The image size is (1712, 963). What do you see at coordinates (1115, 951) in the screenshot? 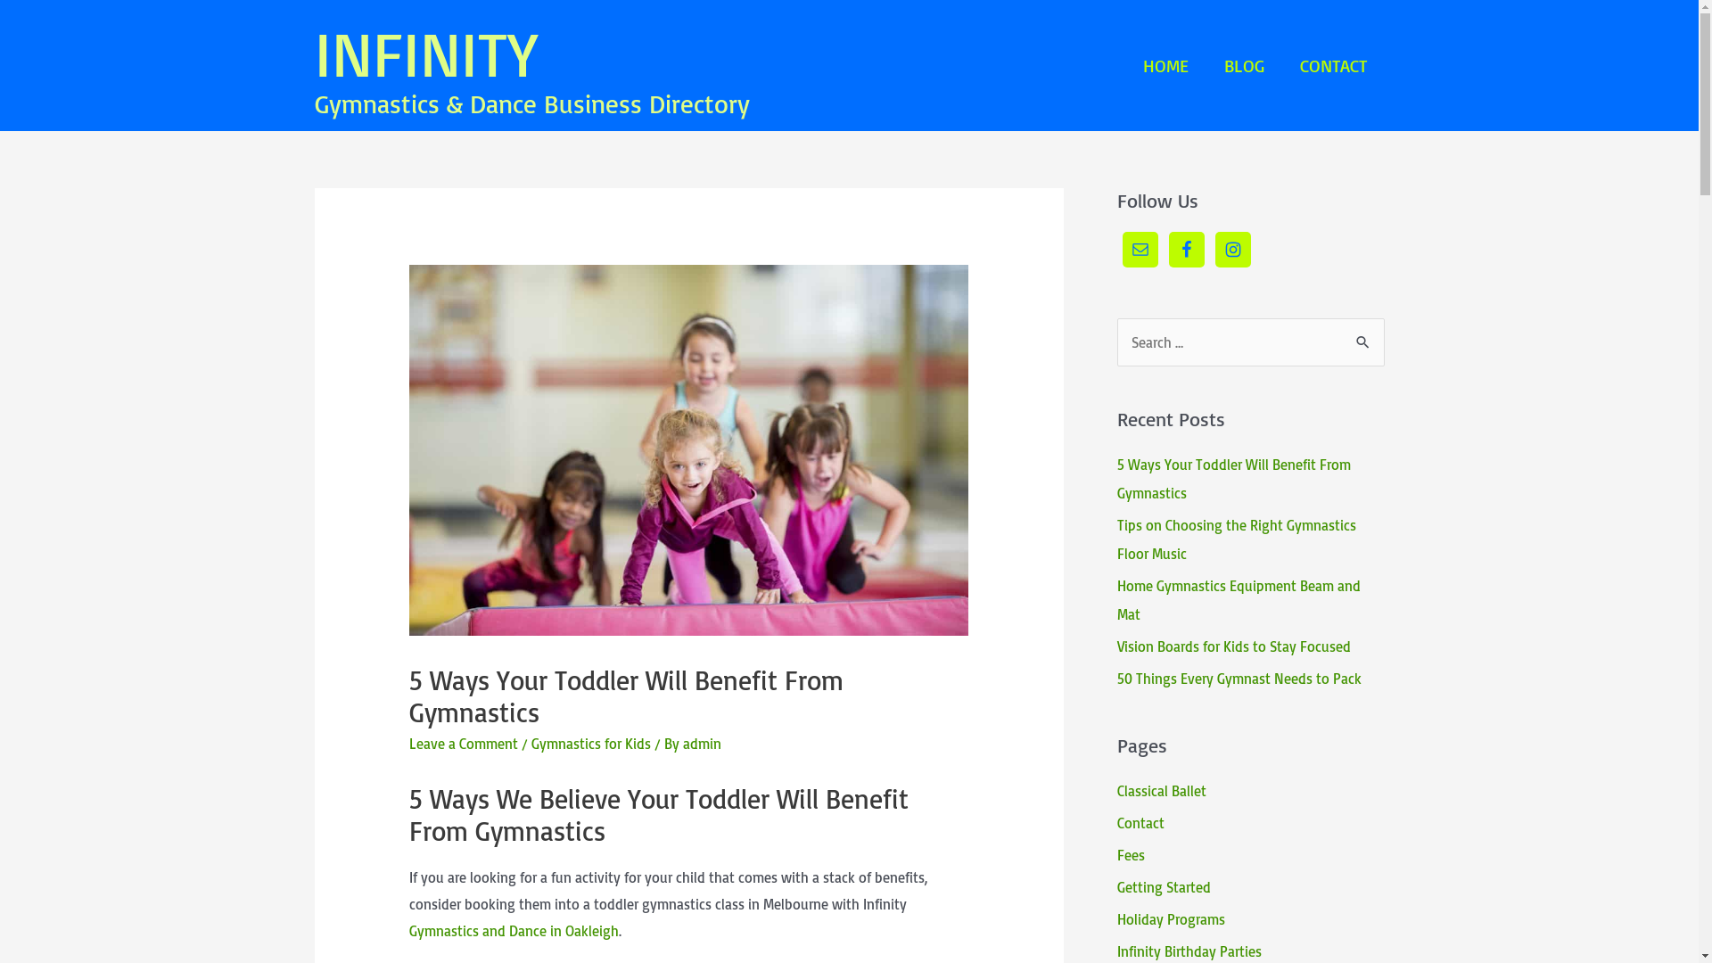
I see `'Infinity Birthday Parties'` at bounding box center [1115, 951].